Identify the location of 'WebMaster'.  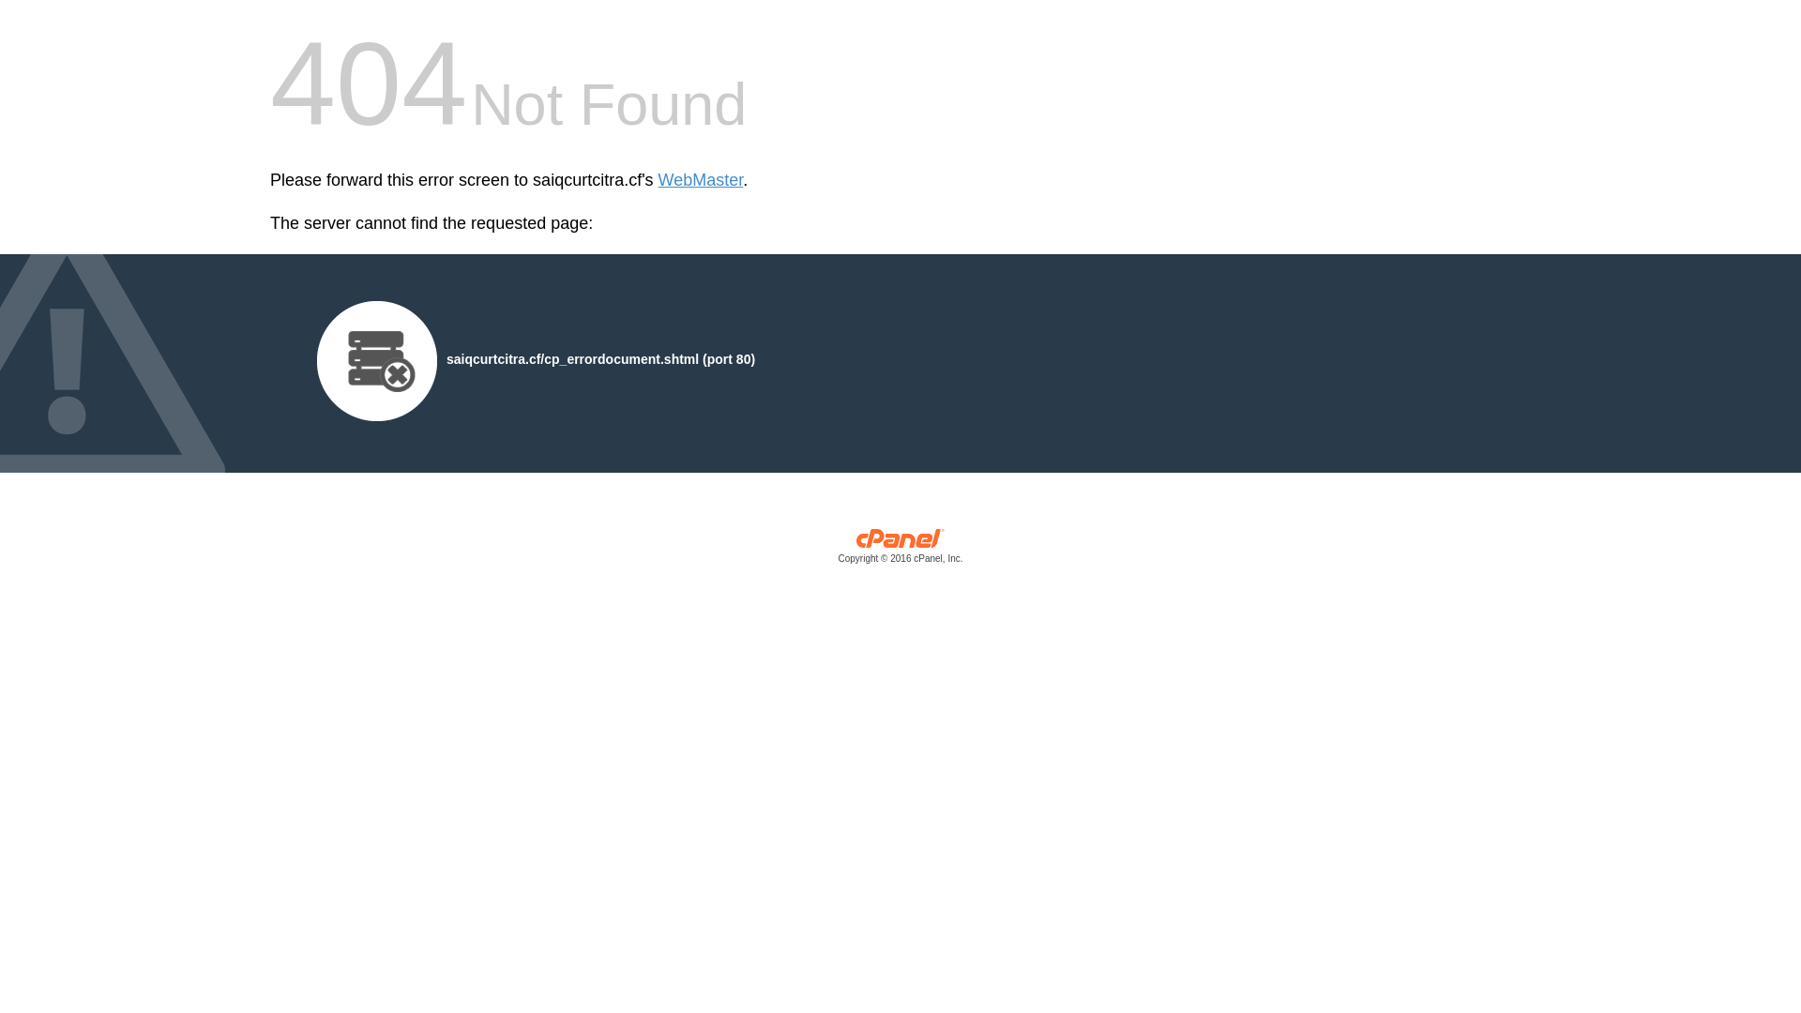
(658, 180).